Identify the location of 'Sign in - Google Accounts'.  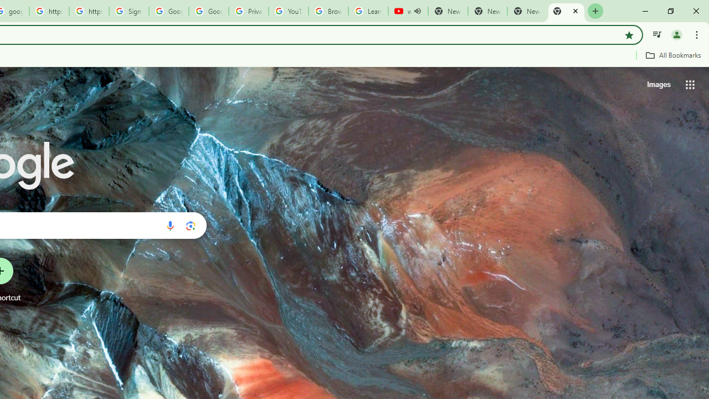
(129, 11).